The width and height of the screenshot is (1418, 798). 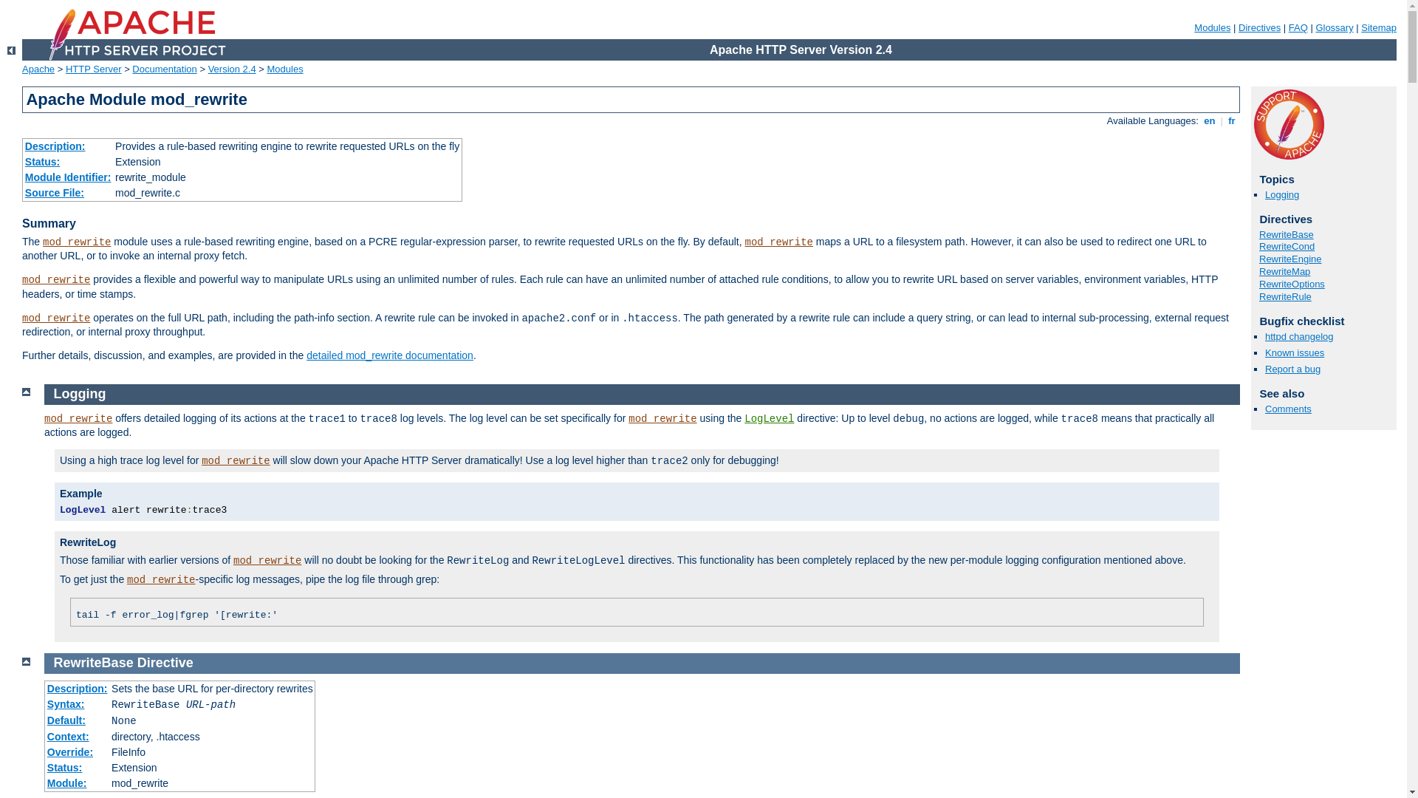 What do you see at coordinates (1334, 27) in the screenshot?
I see `'Glossary'` at bounding box center [1334, 27].